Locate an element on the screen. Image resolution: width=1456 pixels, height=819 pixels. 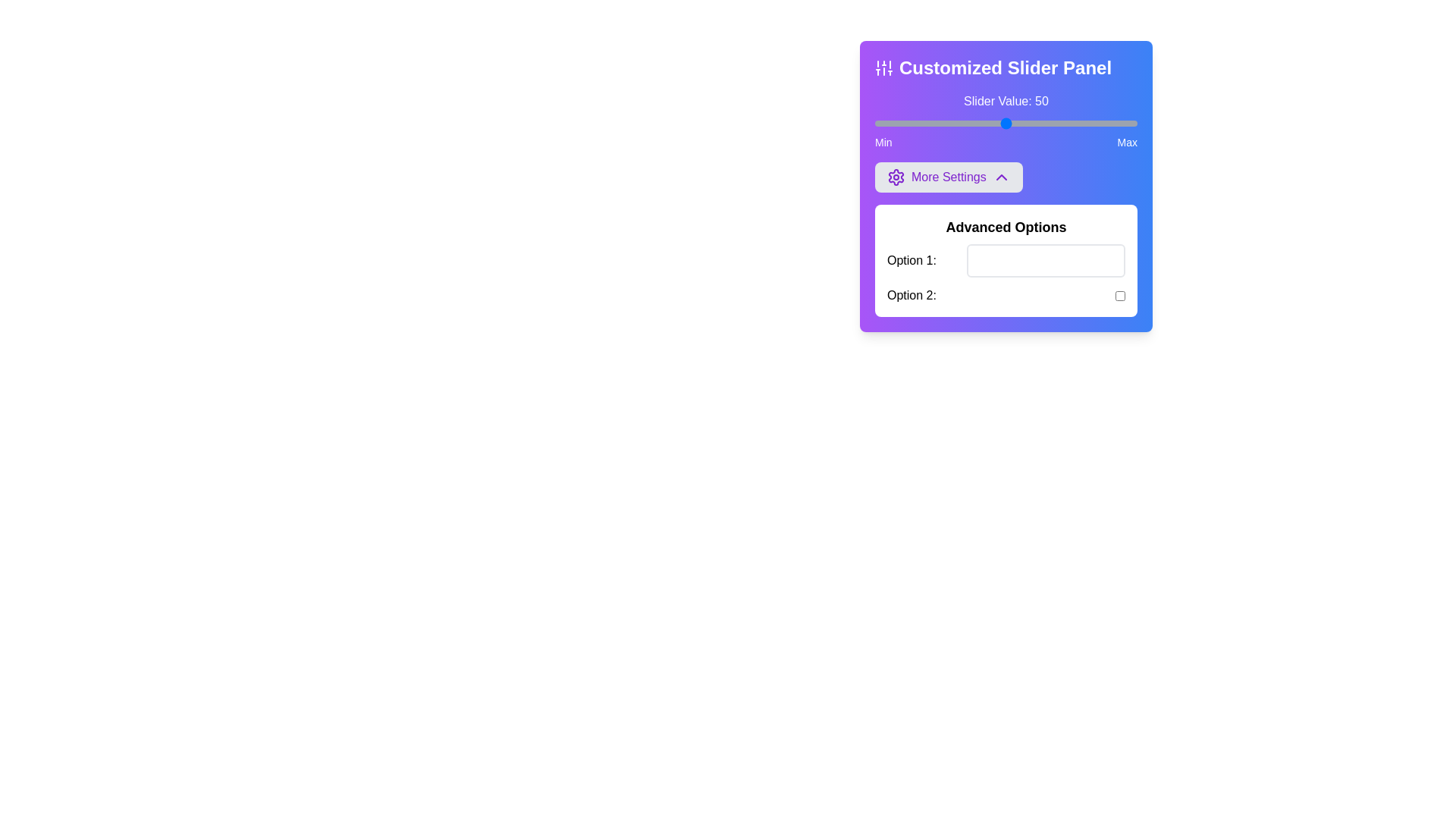
the slider is located at coordinates (1111, 122).